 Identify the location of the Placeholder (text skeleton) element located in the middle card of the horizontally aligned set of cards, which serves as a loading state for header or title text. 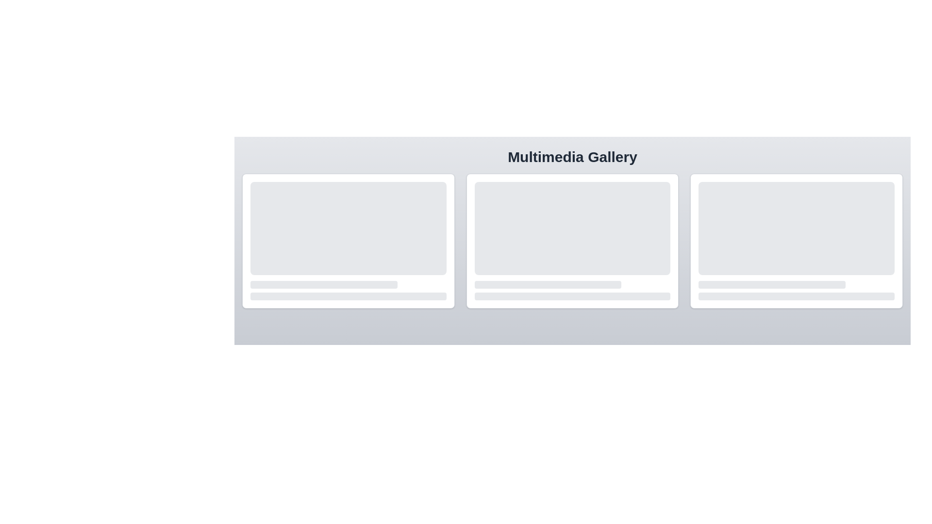
(572, 284).